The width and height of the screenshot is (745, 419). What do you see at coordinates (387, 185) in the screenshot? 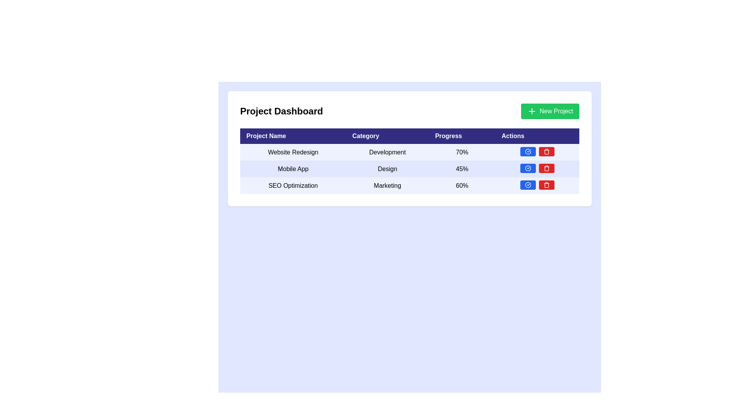
I see `static text labeled 'Marketing' located in the 'Category' column of the third row in the data table associated with 'SEO Optimization'` at bounding box center [387, 185].